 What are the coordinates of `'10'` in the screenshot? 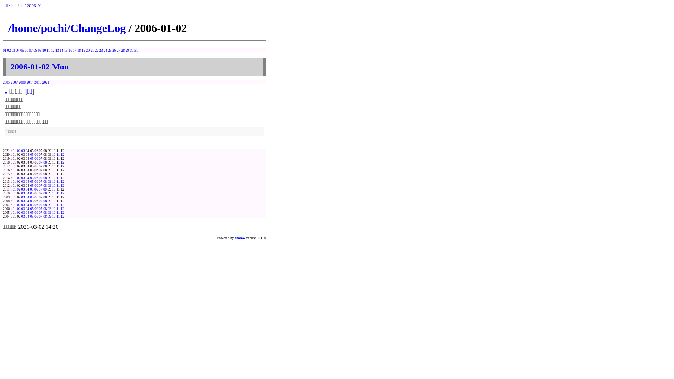 It's located at (52, 181).